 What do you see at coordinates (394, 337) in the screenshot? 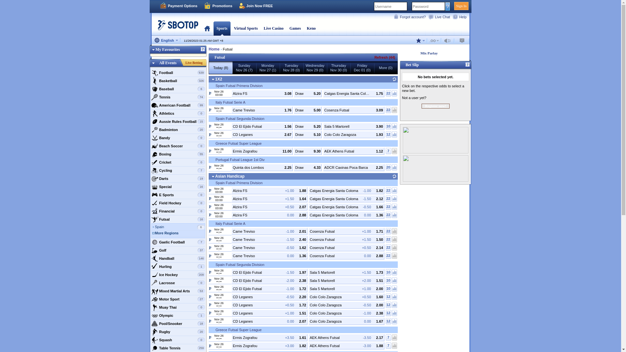
I see `'No statistics available'` at bounding box center [394, 337].